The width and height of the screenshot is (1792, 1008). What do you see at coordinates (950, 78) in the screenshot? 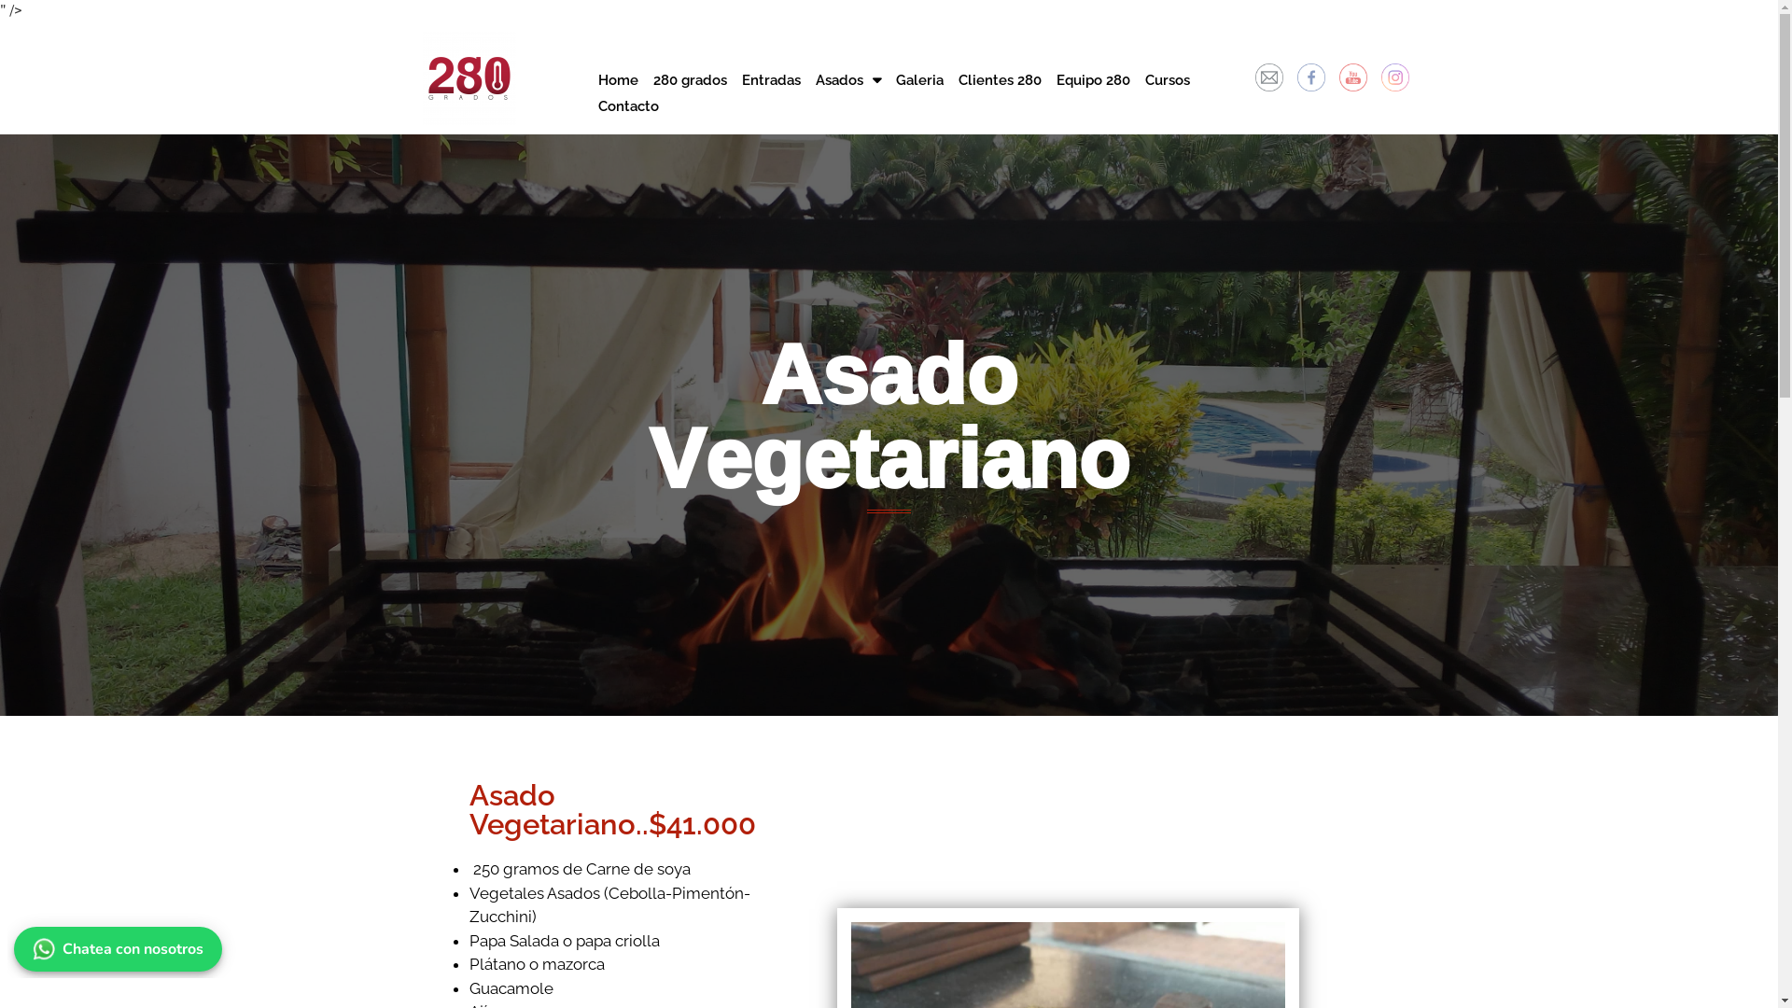
I see `'Clientes 280'` at bounding box center [950, 78].